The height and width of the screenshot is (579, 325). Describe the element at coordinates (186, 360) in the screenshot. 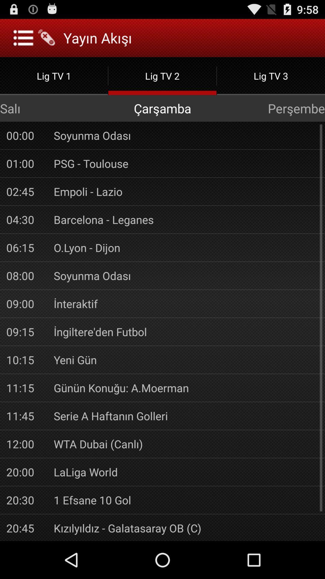

I see `the app to the right of 10:15 item` at that location.